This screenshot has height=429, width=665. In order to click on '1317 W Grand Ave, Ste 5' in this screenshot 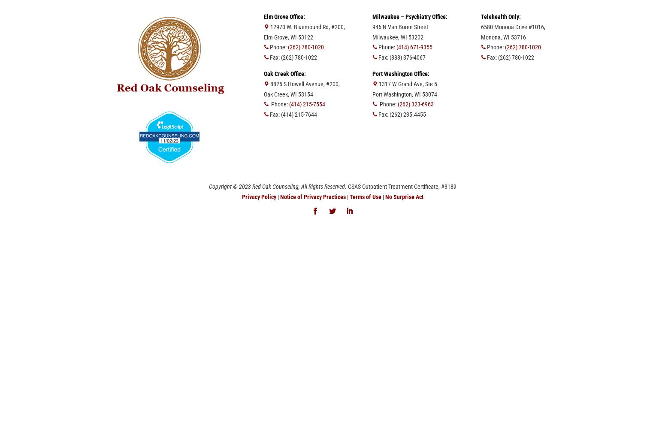, I will do `click(406, 83)`.